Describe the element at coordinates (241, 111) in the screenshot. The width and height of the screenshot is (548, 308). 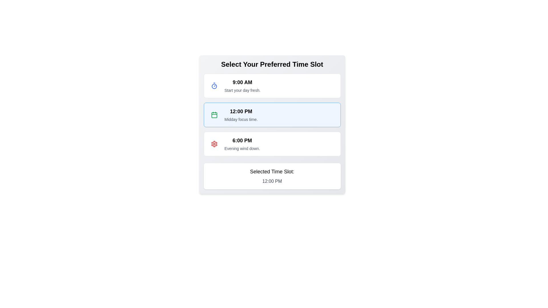
I see `the time display '12:00 PM' in bold, large font located at the center of its section, which is beneath a green calendar icon and above the description text 'Midday focus time'` at that location.